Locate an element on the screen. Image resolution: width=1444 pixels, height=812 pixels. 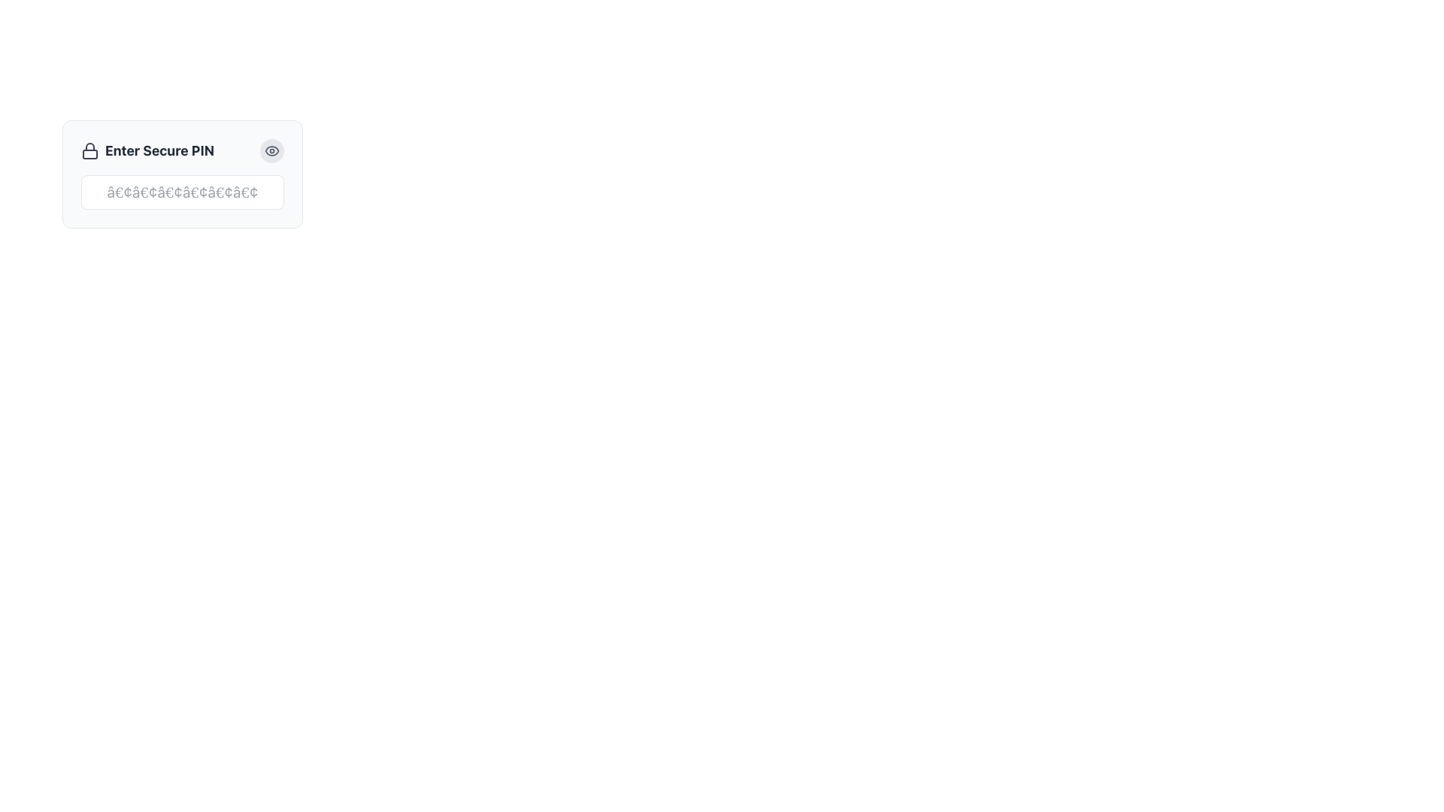
the 'Eye' icon located in the top-right corner of the PIN entry field card, next to the label 'Enter Secure PIN' is located at coordinates (272, 150).